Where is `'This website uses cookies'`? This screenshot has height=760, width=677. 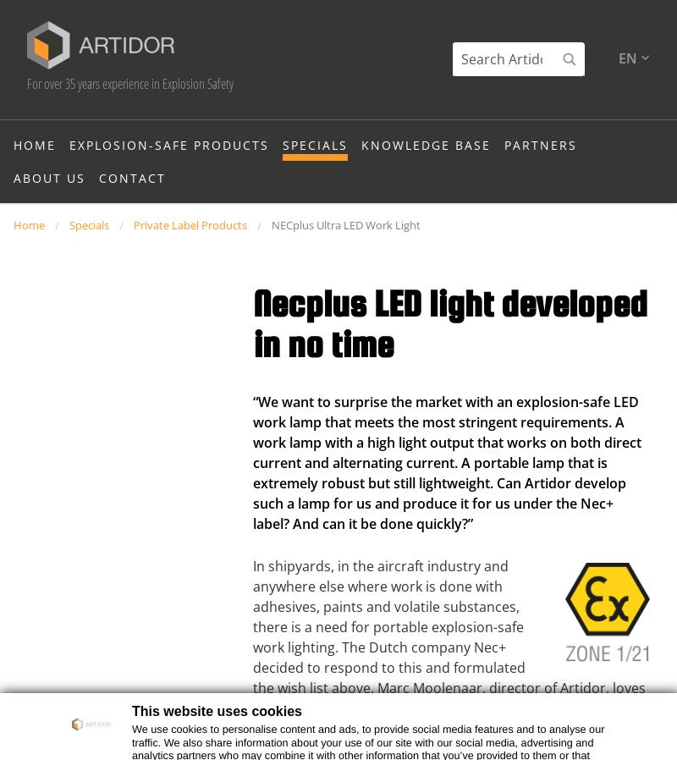 'This website uses cookies' is located at coordinates (216, 711).